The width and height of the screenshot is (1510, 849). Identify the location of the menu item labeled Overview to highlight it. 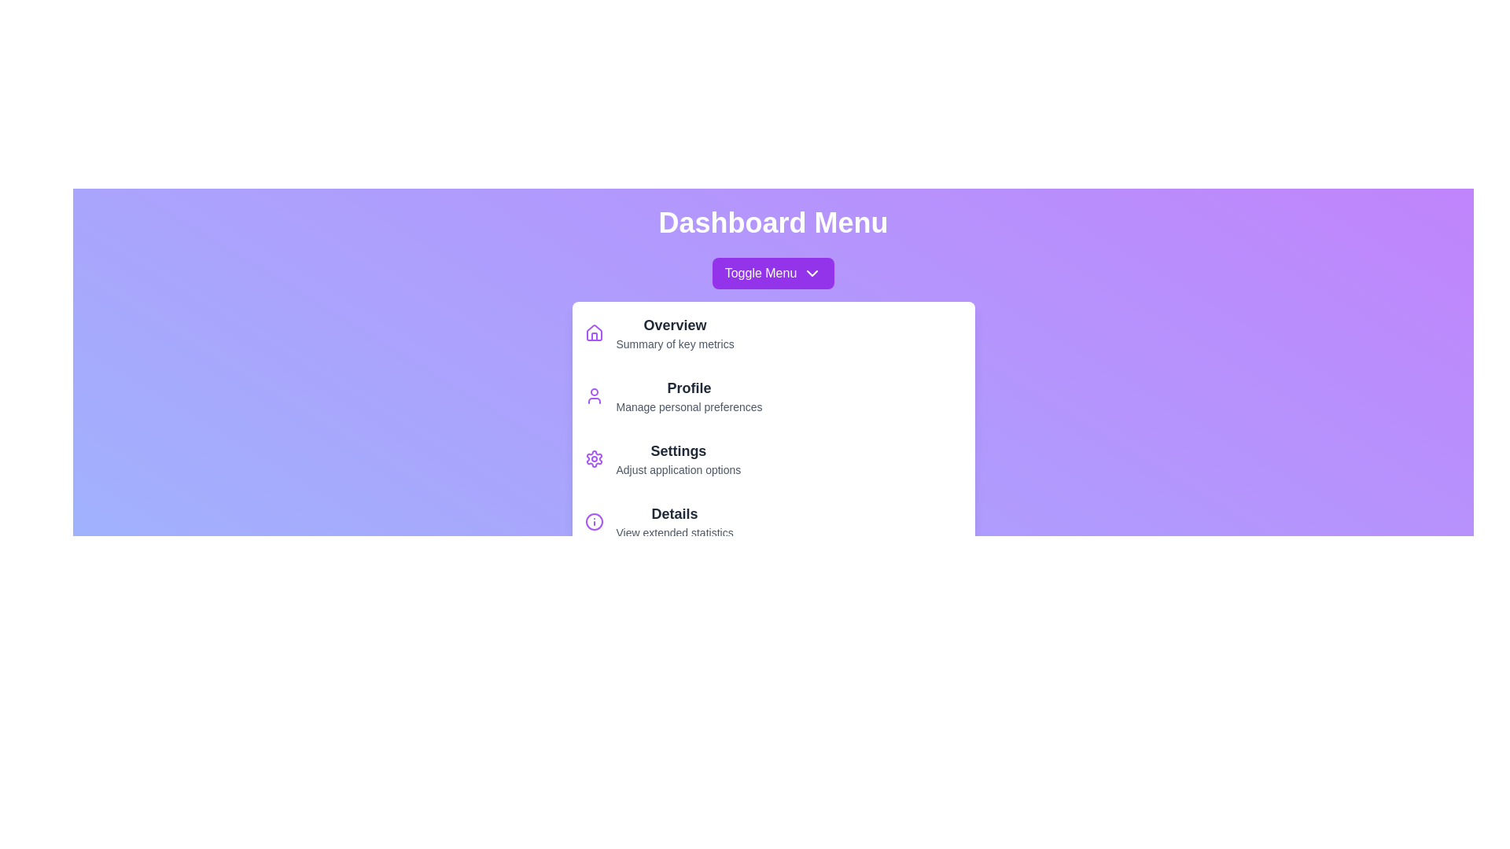
(773, 333).